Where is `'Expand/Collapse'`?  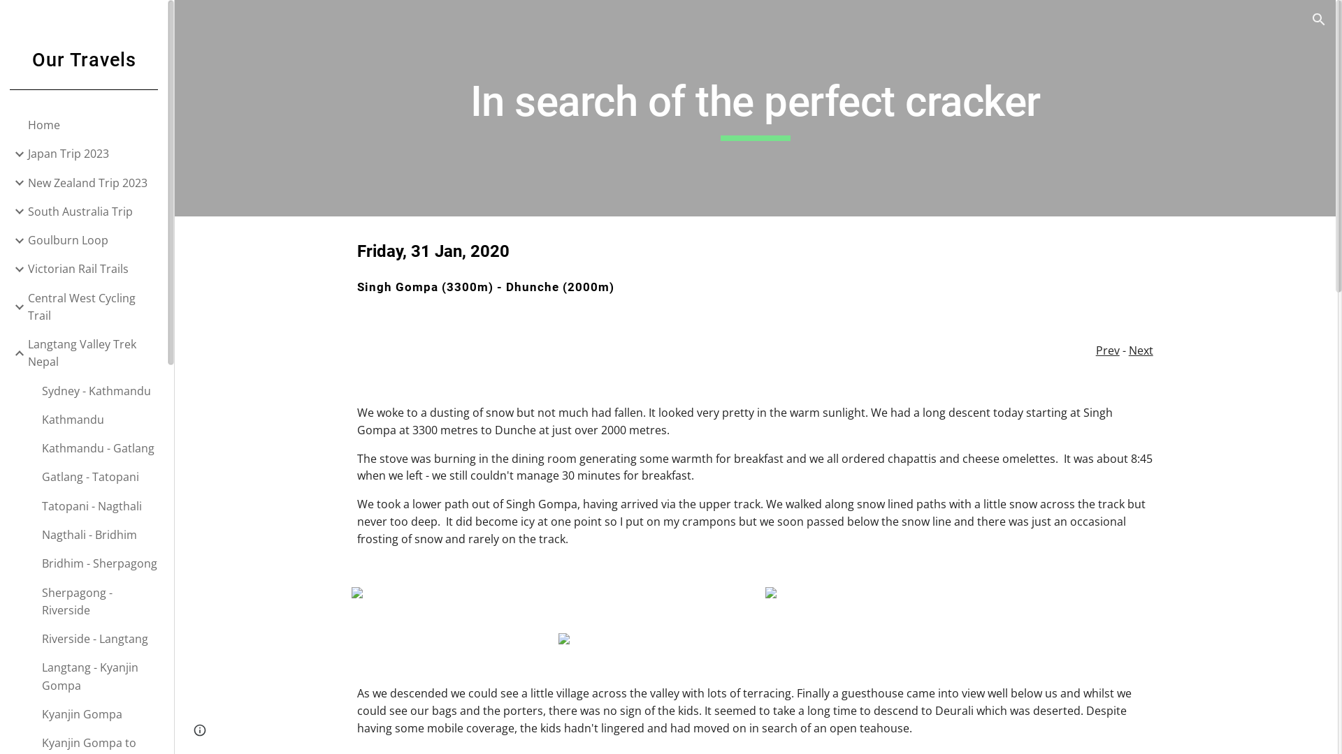 'Expand/Collapse' is located at coordinates (3, 154).